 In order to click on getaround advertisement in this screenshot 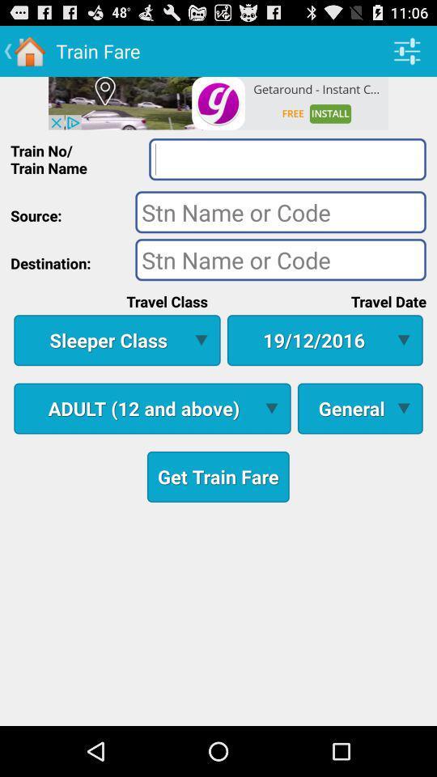, I will do `click(218, 102)`.